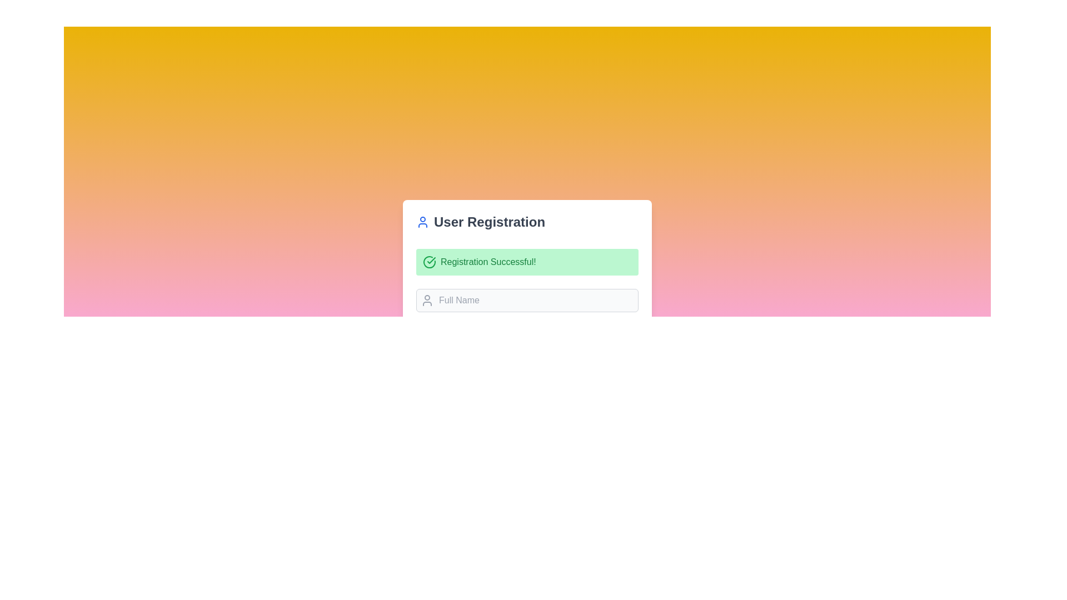 This screenshot has height=600, width=1067. Describe the element at coordinates (428, 262) in the screenshot. I see `the circular graphical component that represents a portion of a circle, located next to the text 'Registration Successful!' within the green confirmation bar` at that location.